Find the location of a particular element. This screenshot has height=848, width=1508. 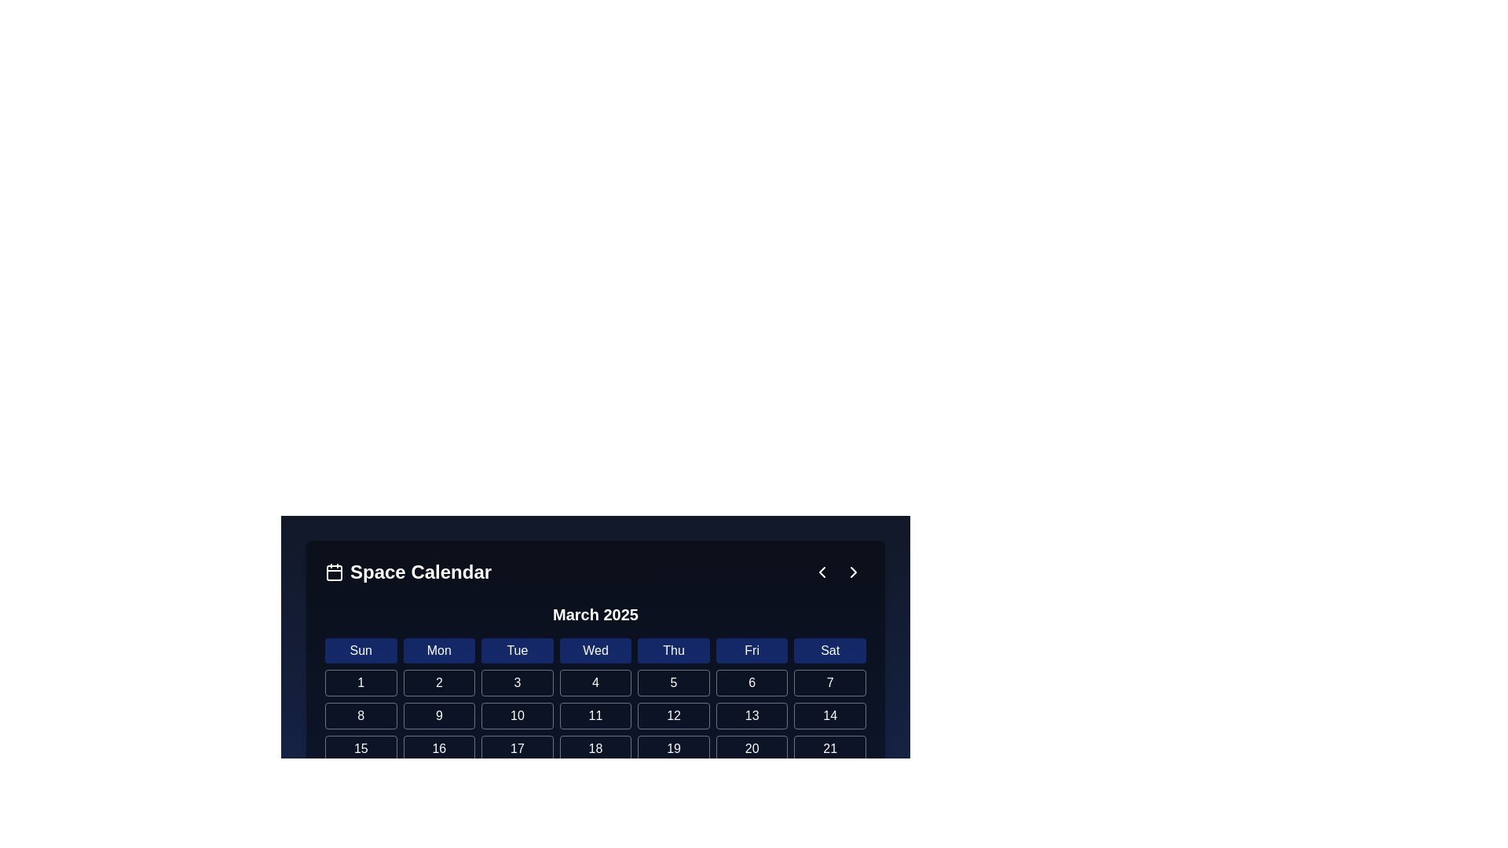

the button labeled '2', which has a dark background, light-colored text, and rounded corners is located at coordinates (439, 682).